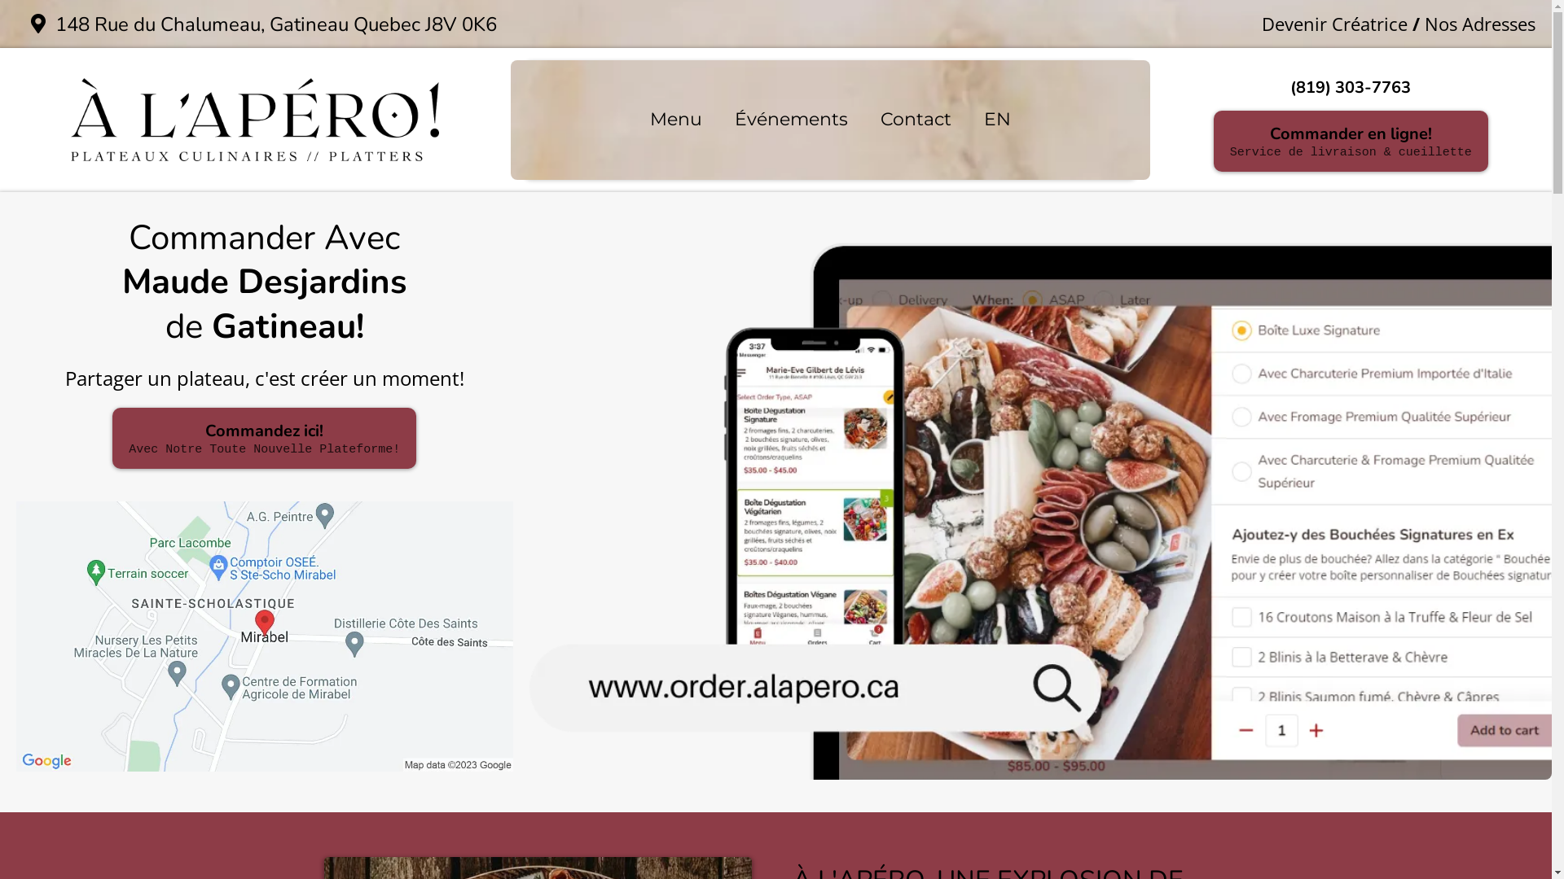  I want to click on 'EN', so click(968, 119).